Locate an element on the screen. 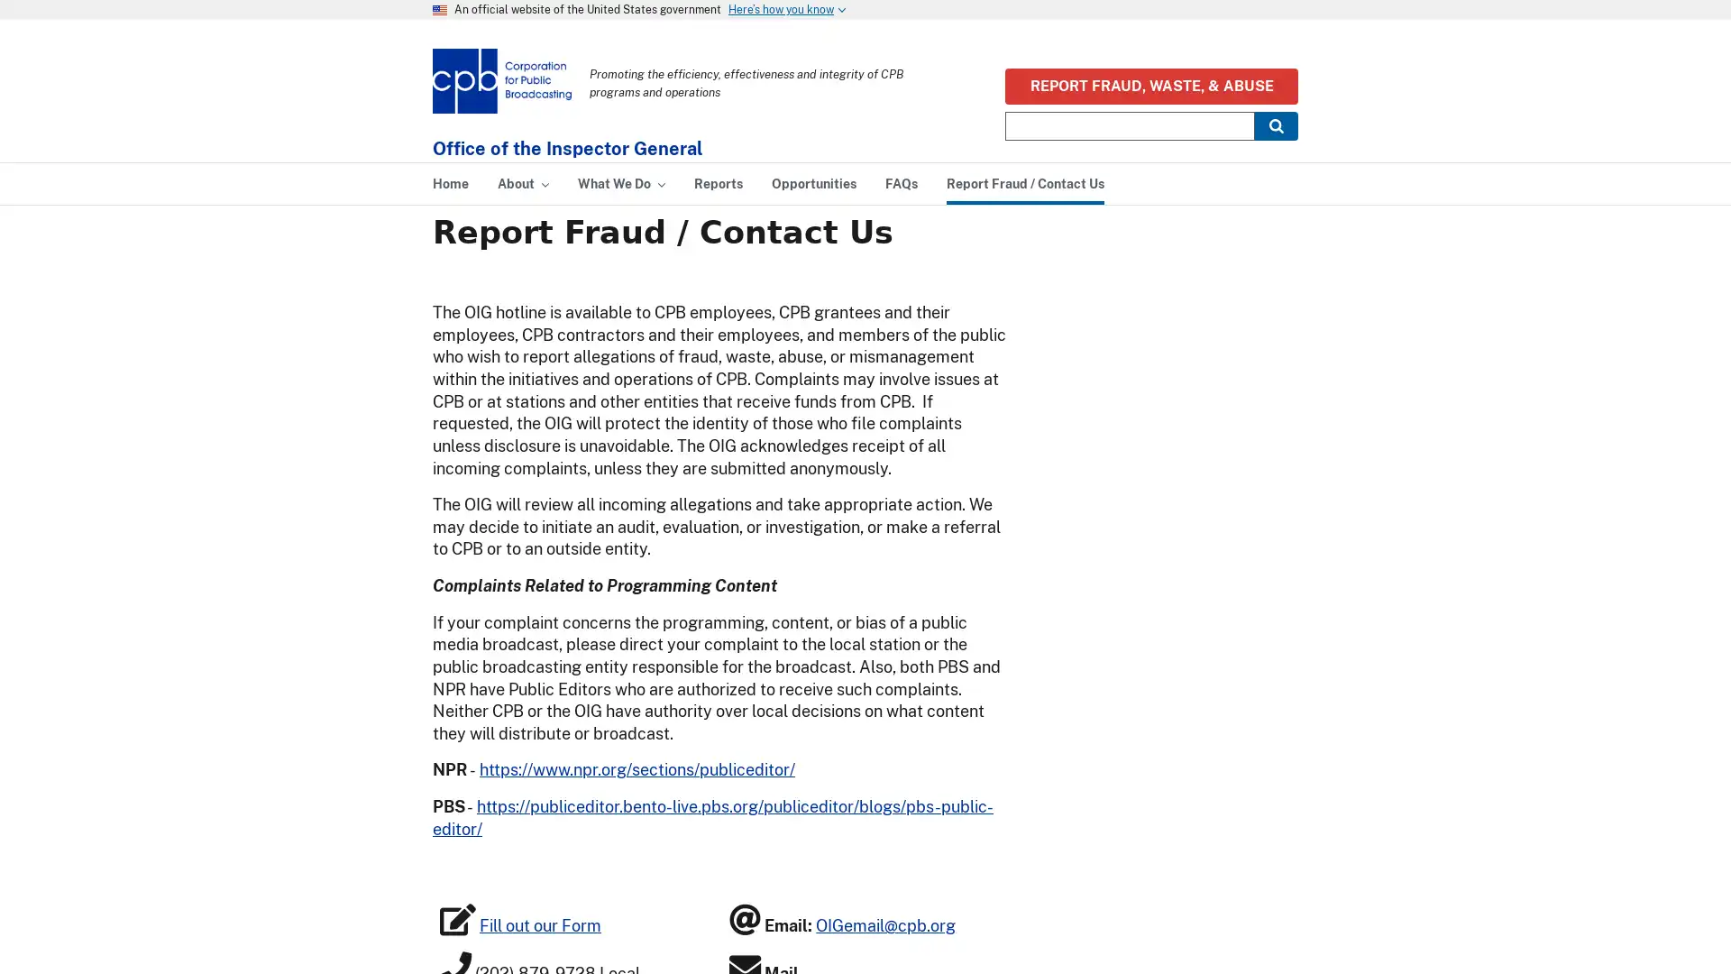  About is located at coordinates (522, 184).